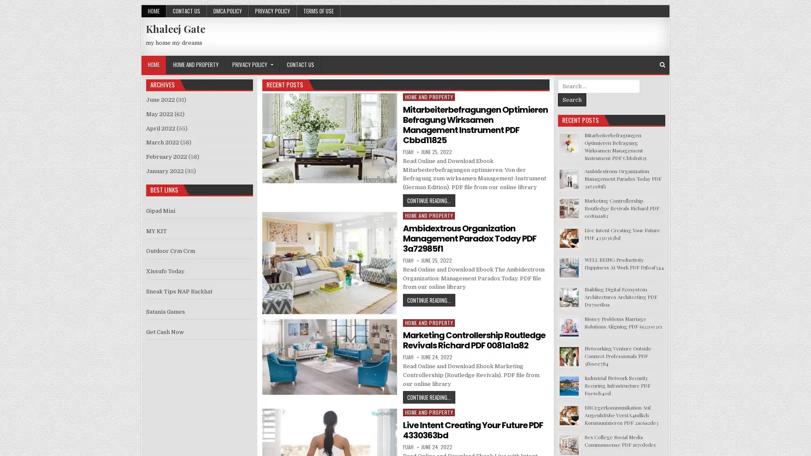 This screenshot has width=811, height=456. What do you see at coordinates (572, 99) in the screenshot?
I see `Search` at bounding box center [572, 99].